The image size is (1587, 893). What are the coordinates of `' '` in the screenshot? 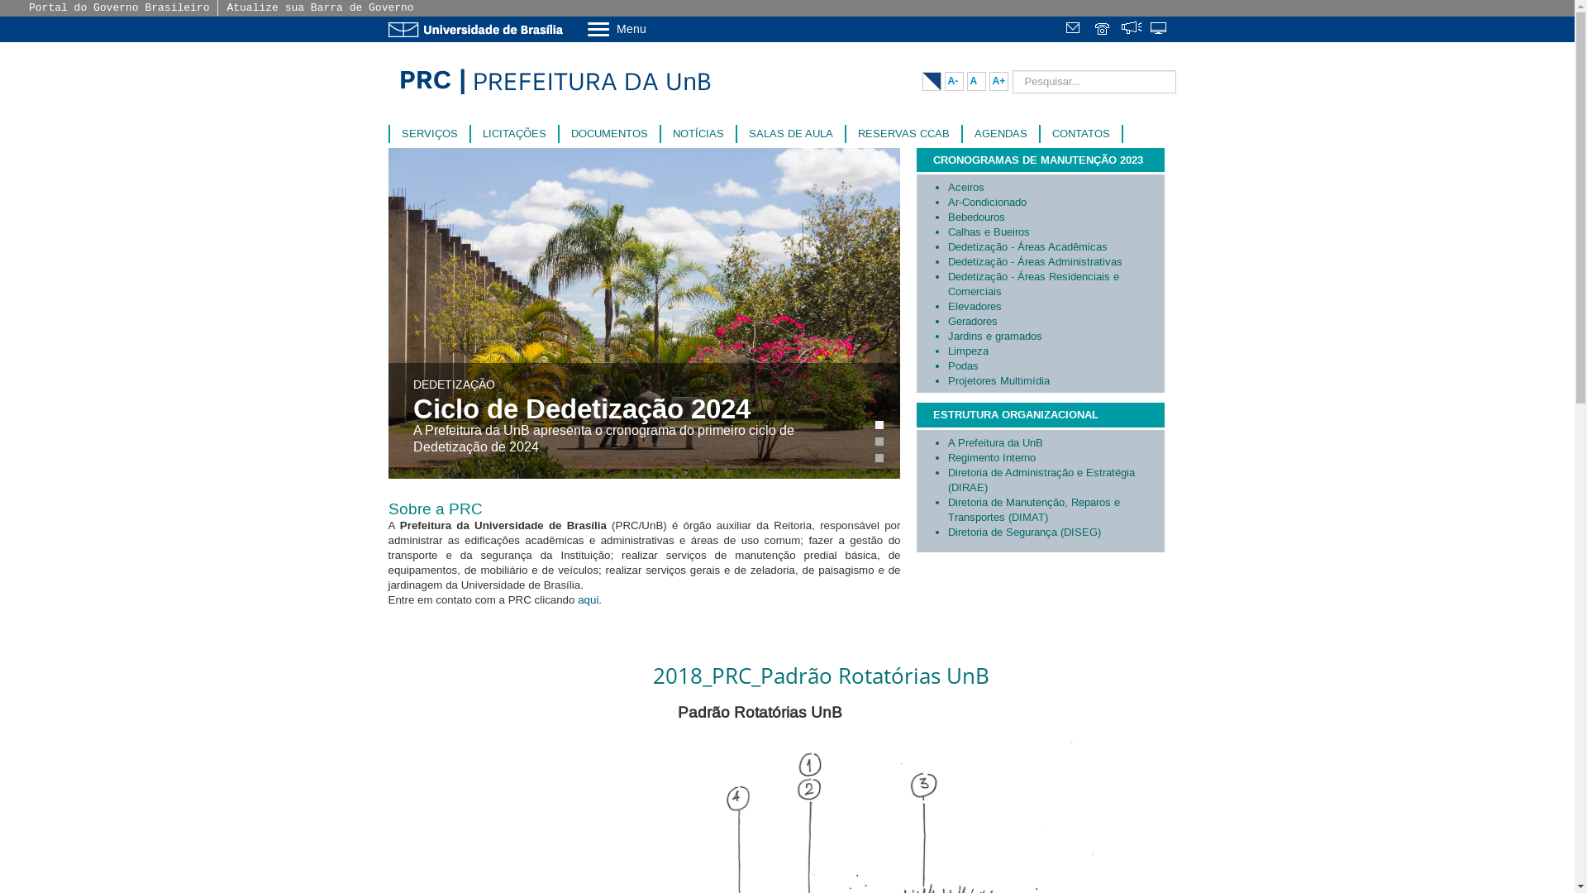 It's located at (1103, 30).